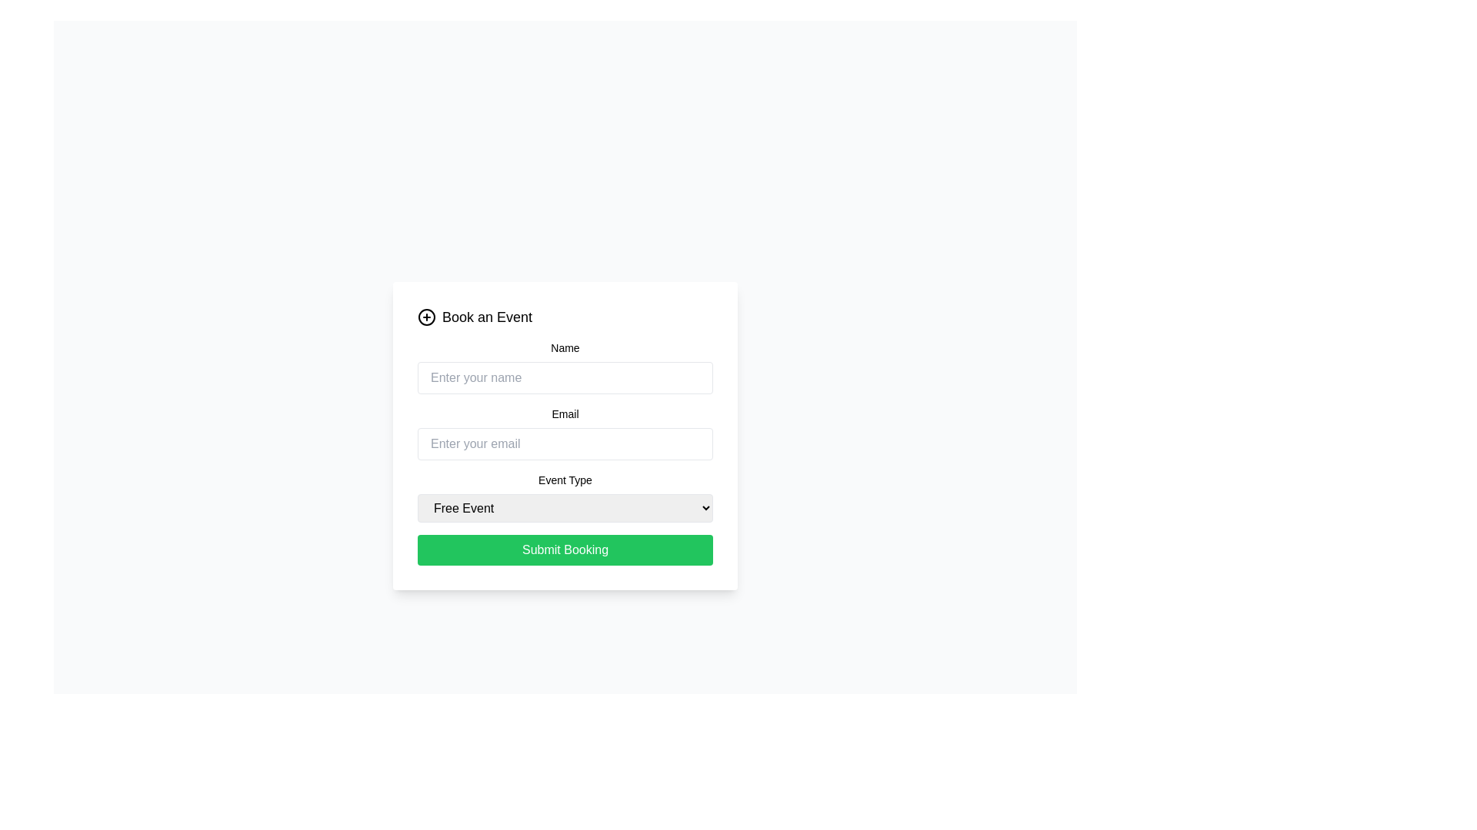 The width and height of the screenshot is (1477, 830). What do you see at coordinates (564, 548) in the screenshot?
I see `the submission button located at the bottom of the 'Book an Event' form` at bounding box center [564, 548].